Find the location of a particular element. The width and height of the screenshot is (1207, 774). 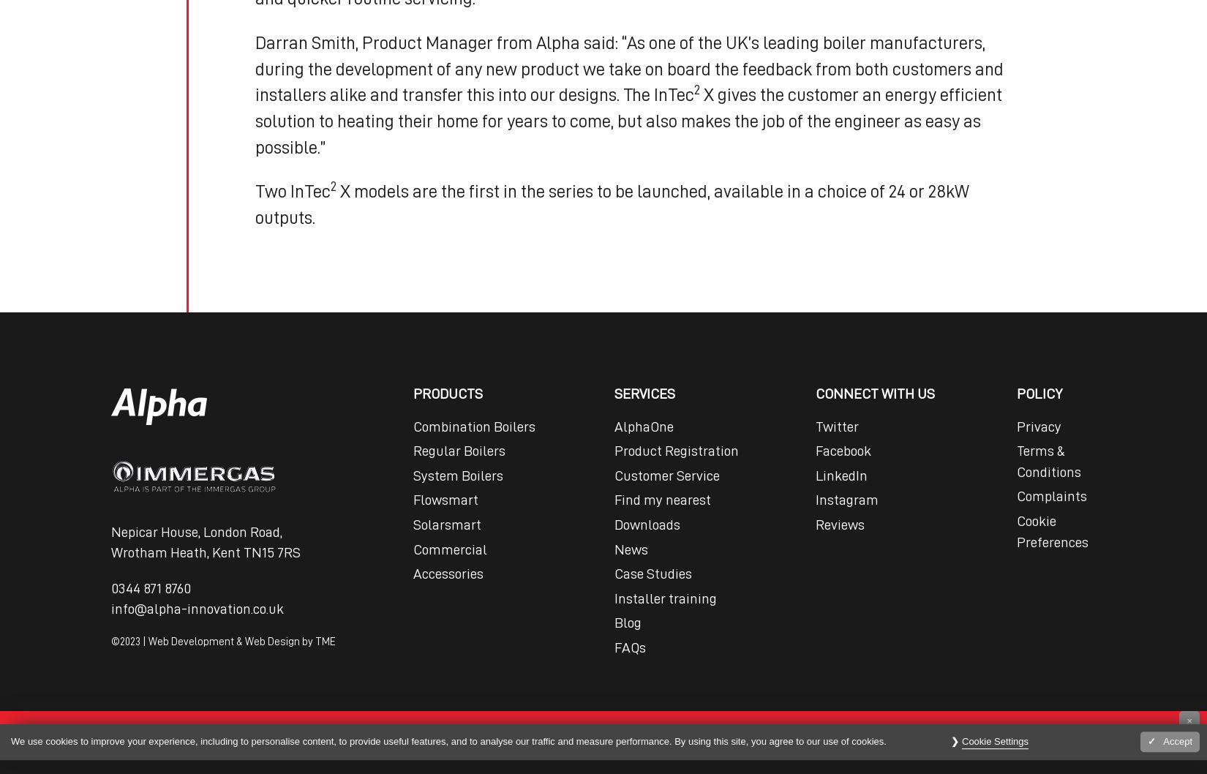

'News' is located at coordinates (630, 549).